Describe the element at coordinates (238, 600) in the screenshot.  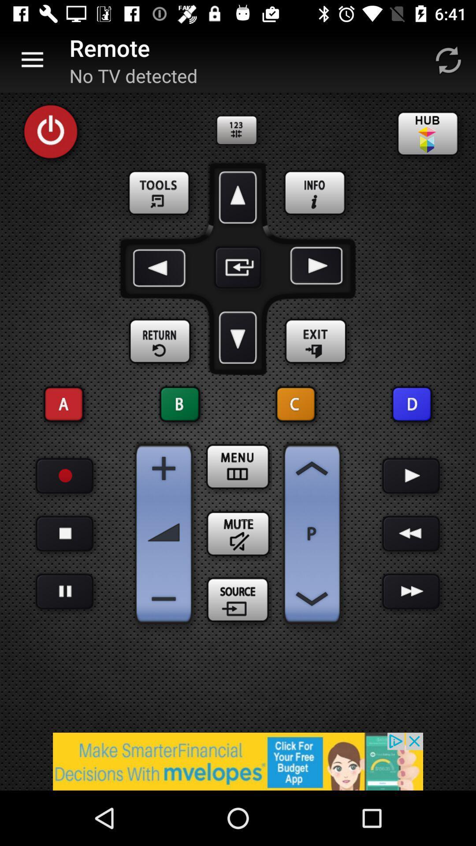
I see `change source` at that location.